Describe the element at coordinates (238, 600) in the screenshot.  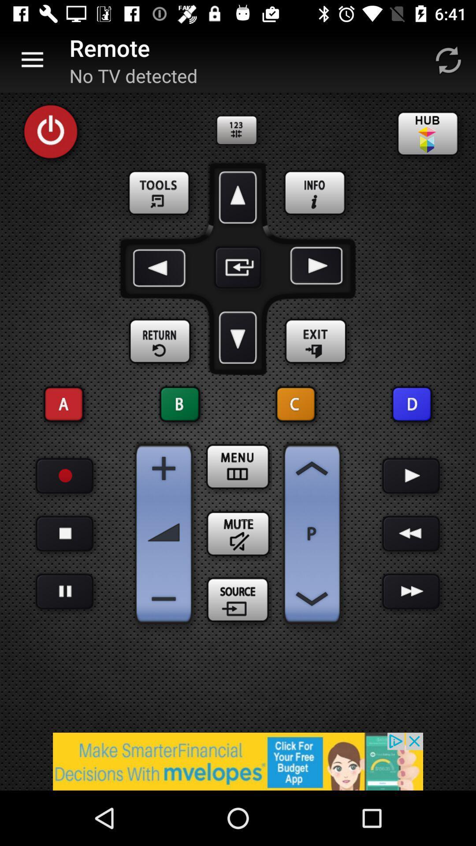
I see `change source` at that location.